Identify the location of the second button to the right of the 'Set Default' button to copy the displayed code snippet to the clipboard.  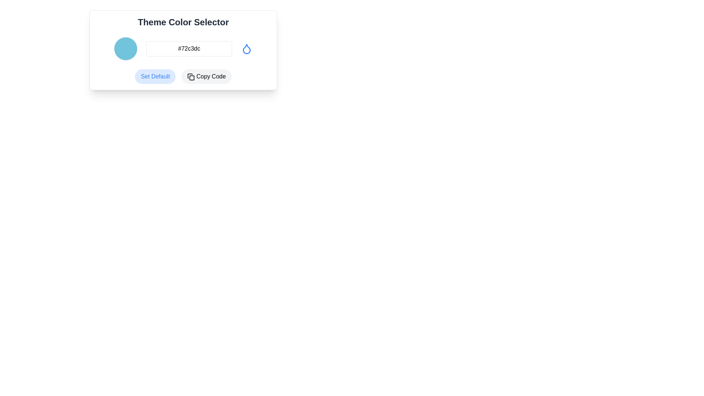
(206, 76).